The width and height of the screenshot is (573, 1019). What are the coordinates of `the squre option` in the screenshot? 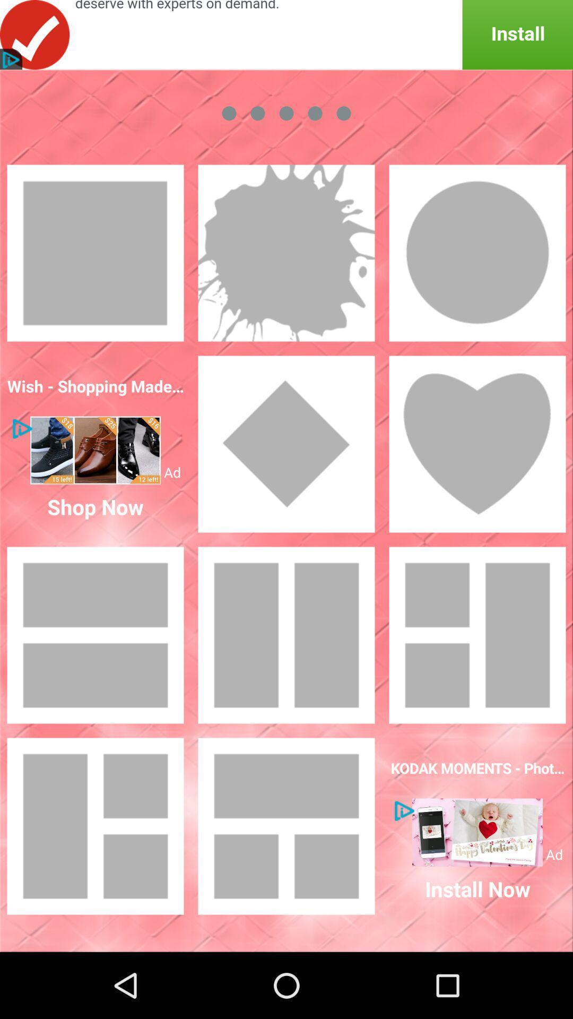 It's located at (95, 252).